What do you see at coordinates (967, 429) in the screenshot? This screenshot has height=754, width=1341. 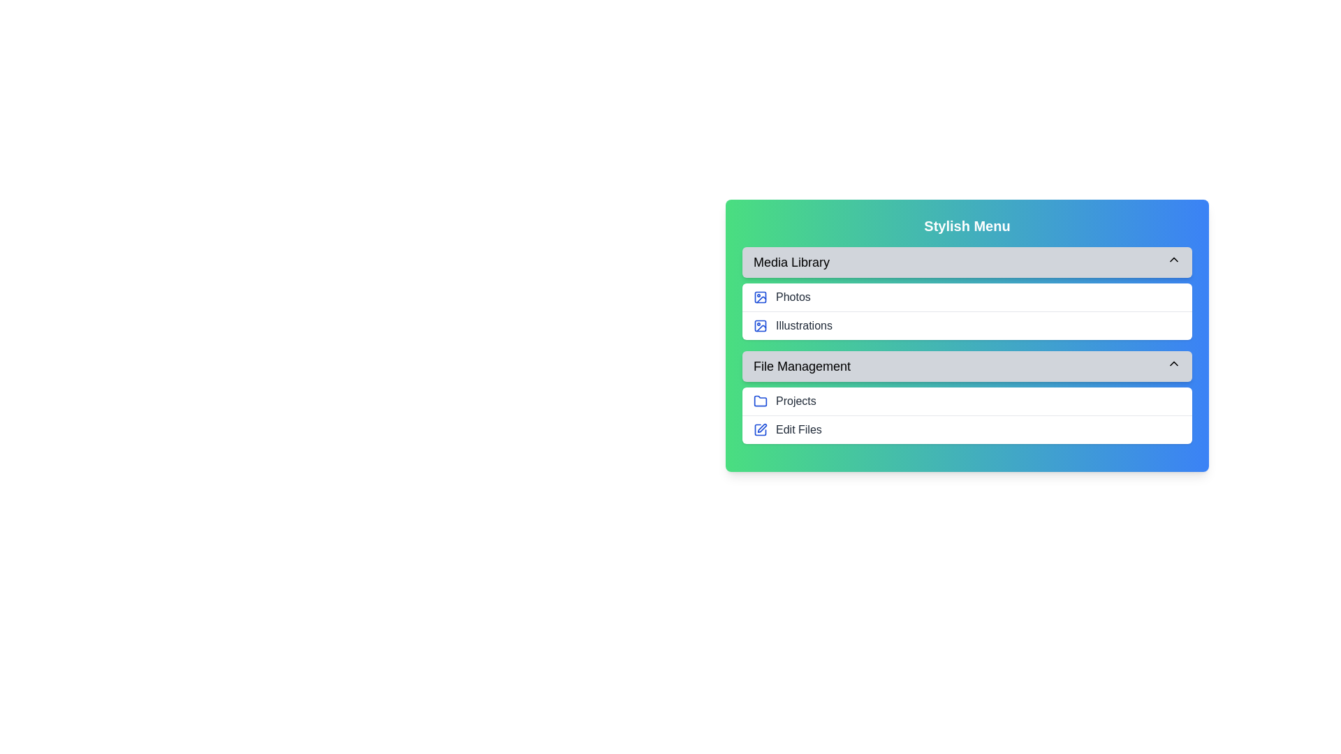 I see `the 'Edit Files' menu item, which is the second item in the 'File Management' section` at bounding box center [967, 429].